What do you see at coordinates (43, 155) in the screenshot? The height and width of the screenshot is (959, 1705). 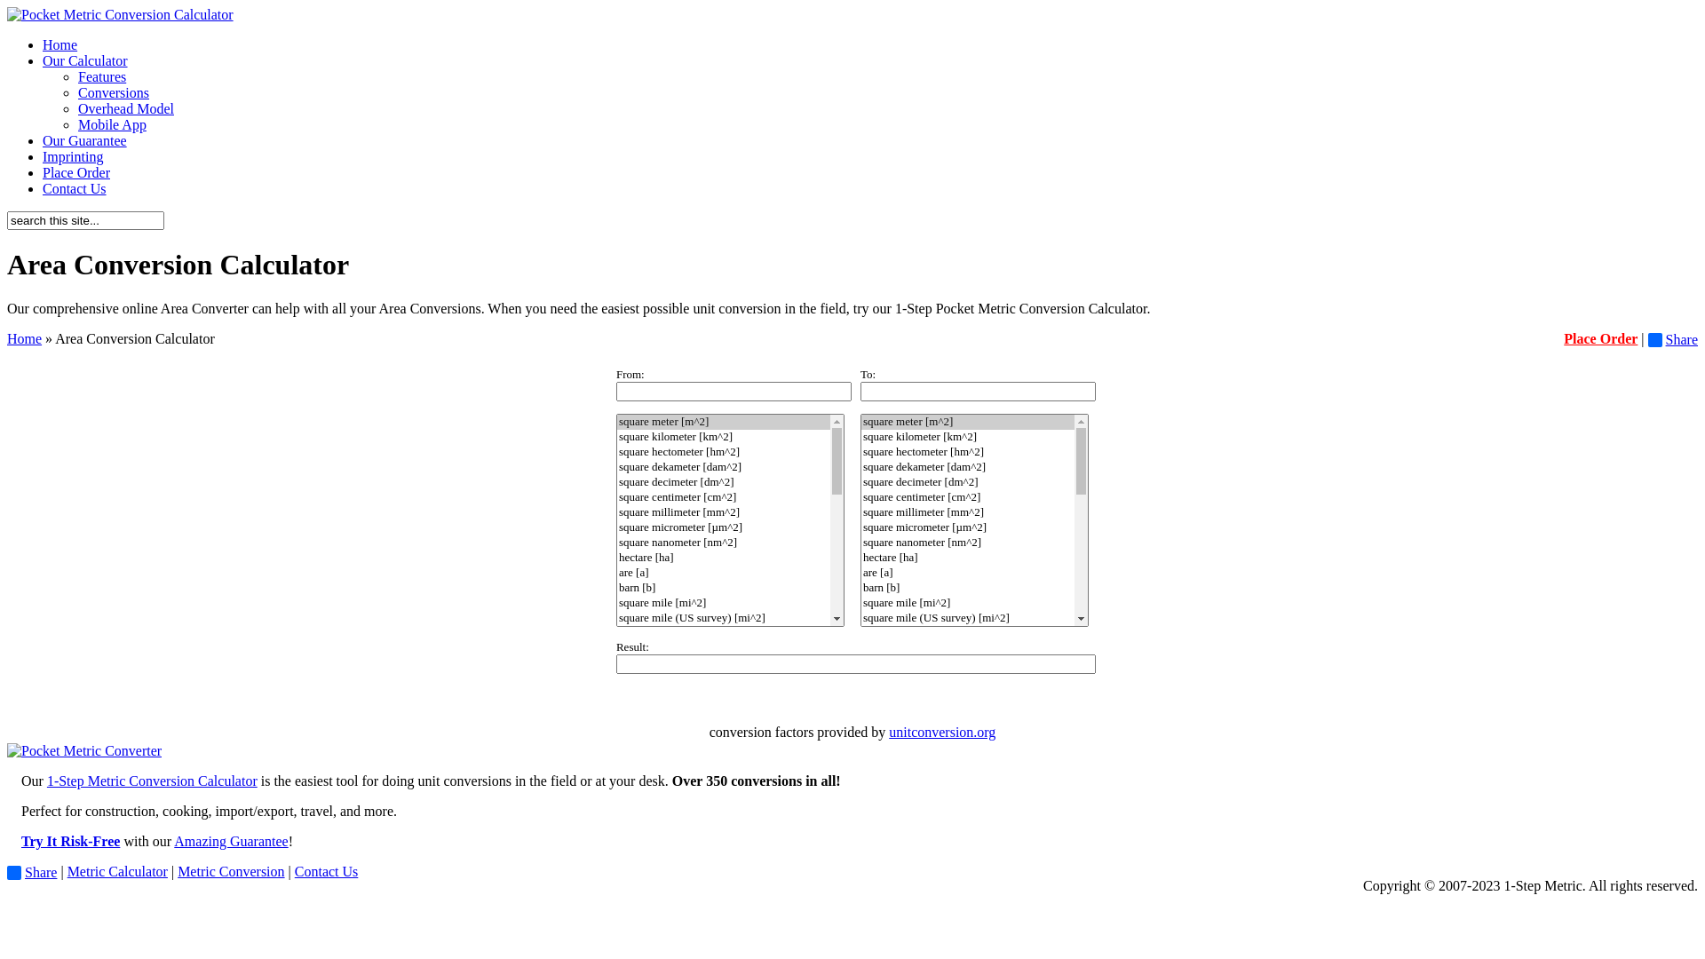 I see `'Imprinting'` at bounding box center [43, 155].